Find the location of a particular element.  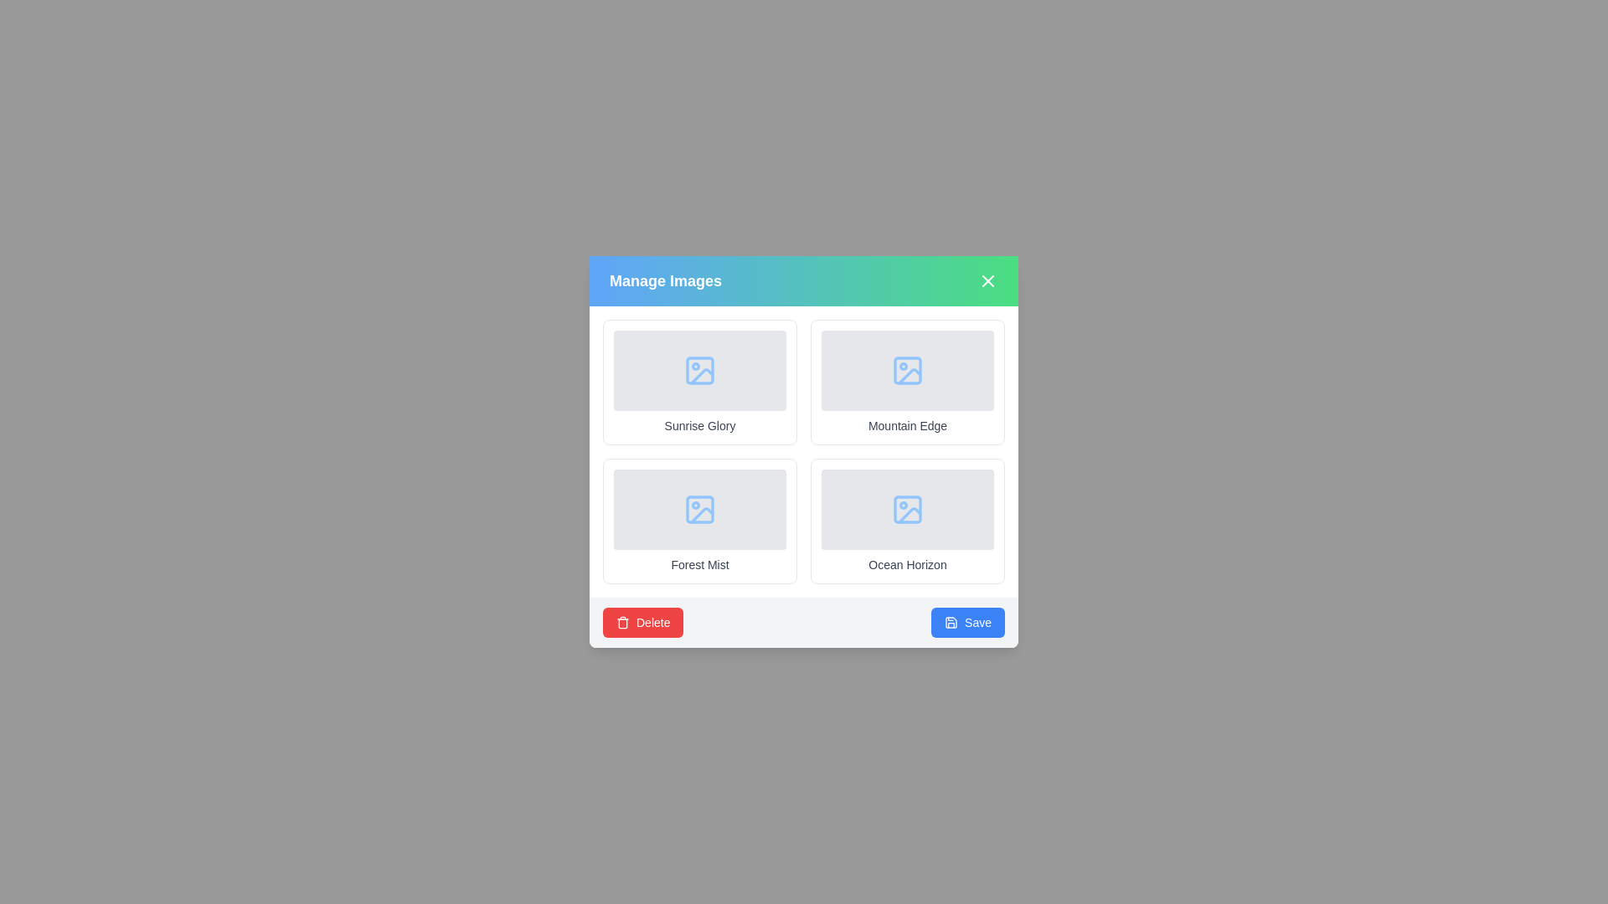

the small button with an 'X' icon, styled with a green gradient background, located at the top-right corner of the 'Manage Images' modal header is located at coordinates (988, 280).